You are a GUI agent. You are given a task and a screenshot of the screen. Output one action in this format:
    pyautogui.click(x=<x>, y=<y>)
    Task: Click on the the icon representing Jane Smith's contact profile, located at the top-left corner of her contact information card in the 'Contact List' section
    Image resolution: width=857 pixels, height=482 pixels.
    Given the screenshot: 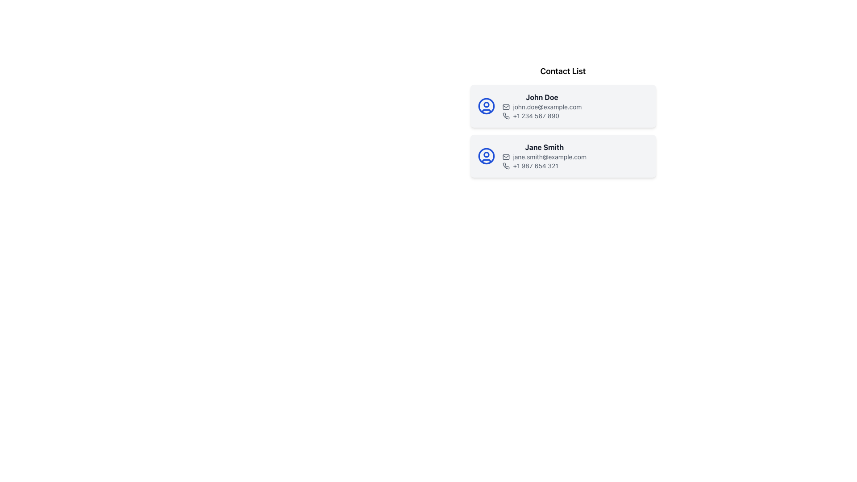 What is the action you would take?
    pyautogui.click(x=486, y=156)
    